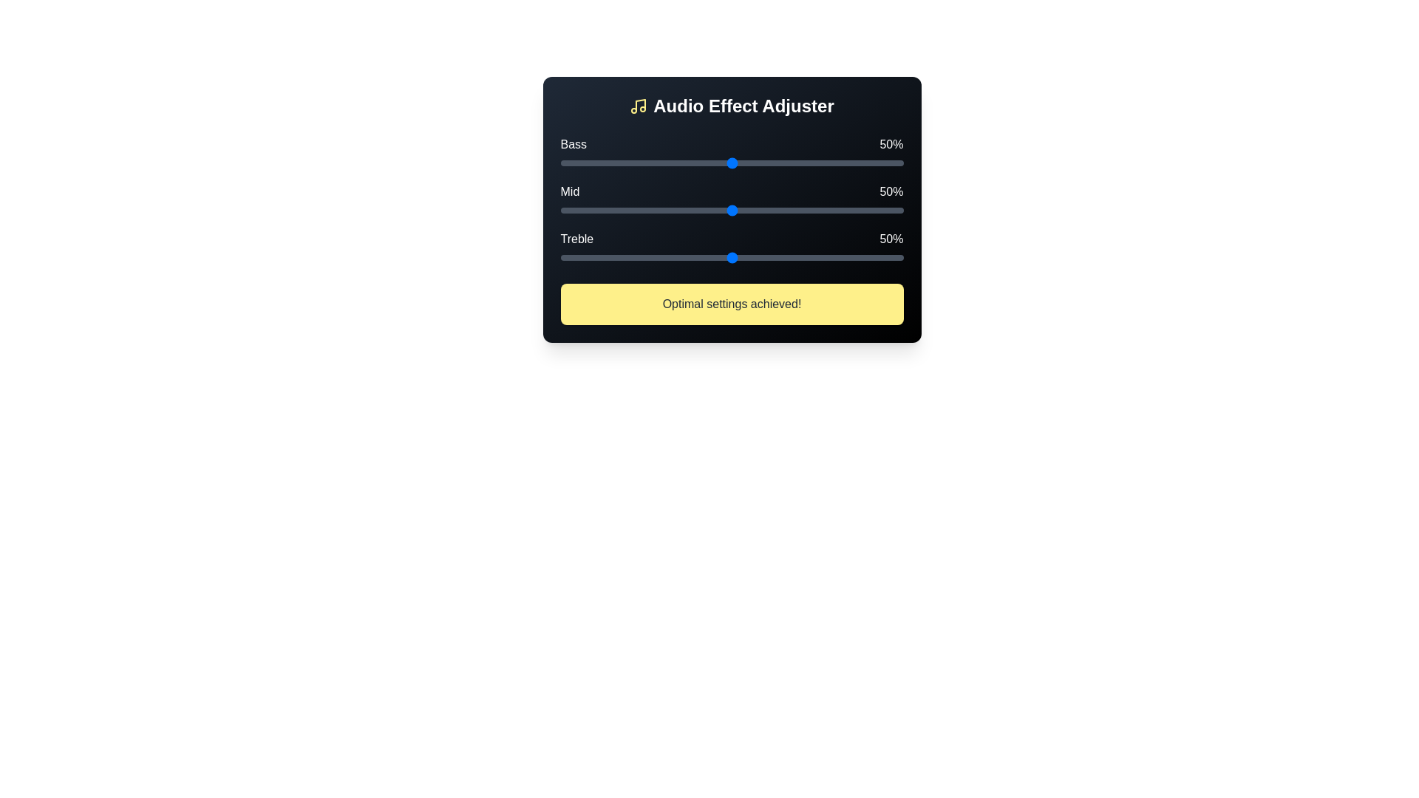  What do you see at coordinates (766, 163) in the screenshot?
I see `the Bass slider to 60% by clicking on the slider track` at bounding box center [766, 163].